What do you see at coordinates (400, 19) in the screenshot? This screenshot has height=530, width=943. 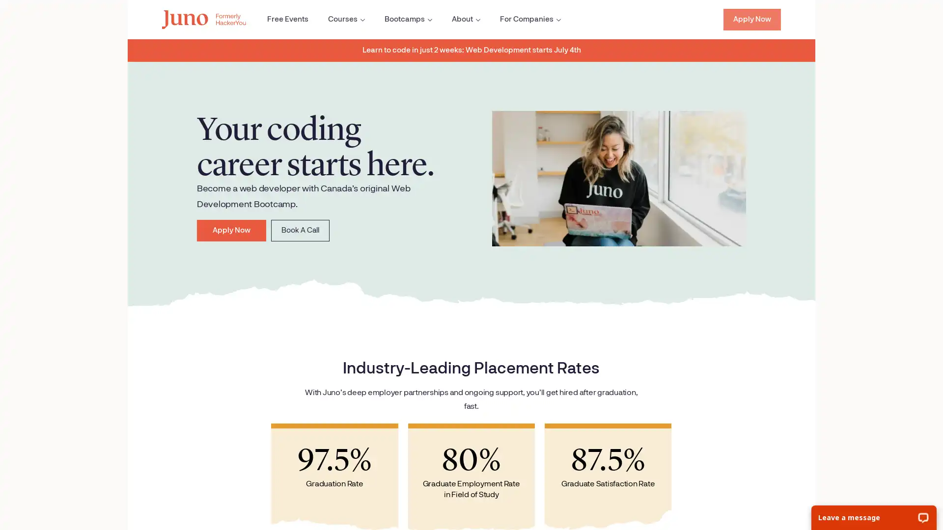 I see `Open the Bootcamps sub menu.` at bounding box center [400, 19].